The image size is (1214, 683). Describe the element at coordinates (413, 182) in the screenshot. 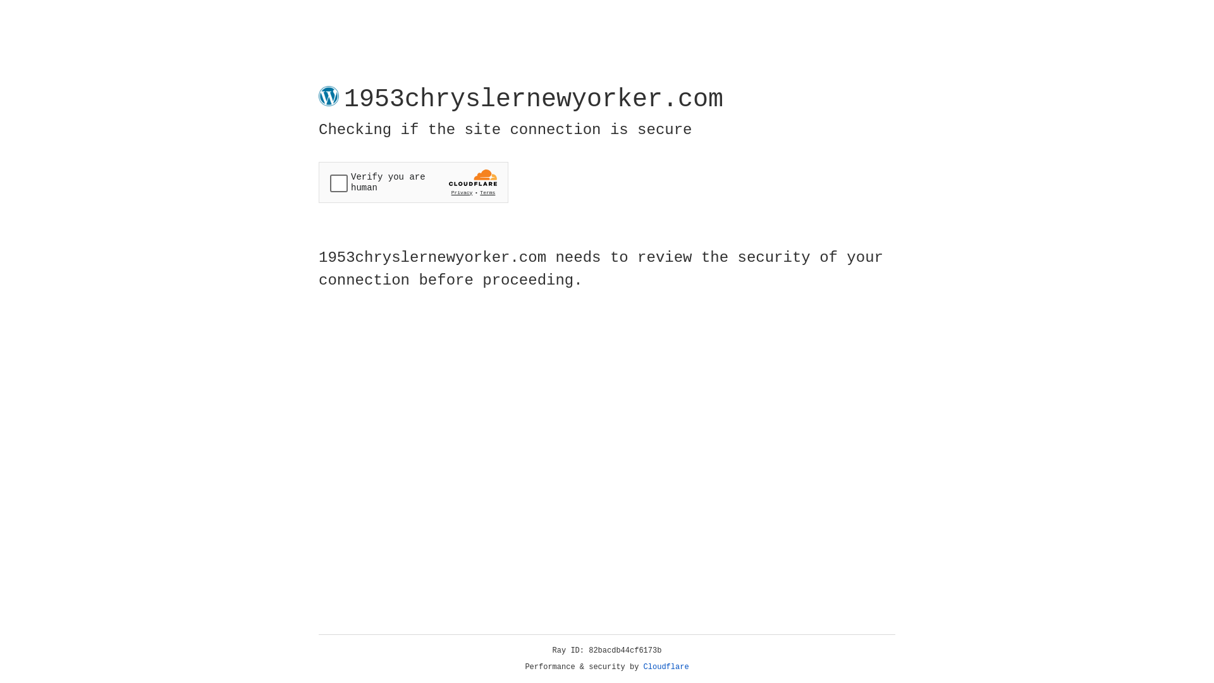

I see `'Widget containing a Cloudflare security challenge'` at that location.